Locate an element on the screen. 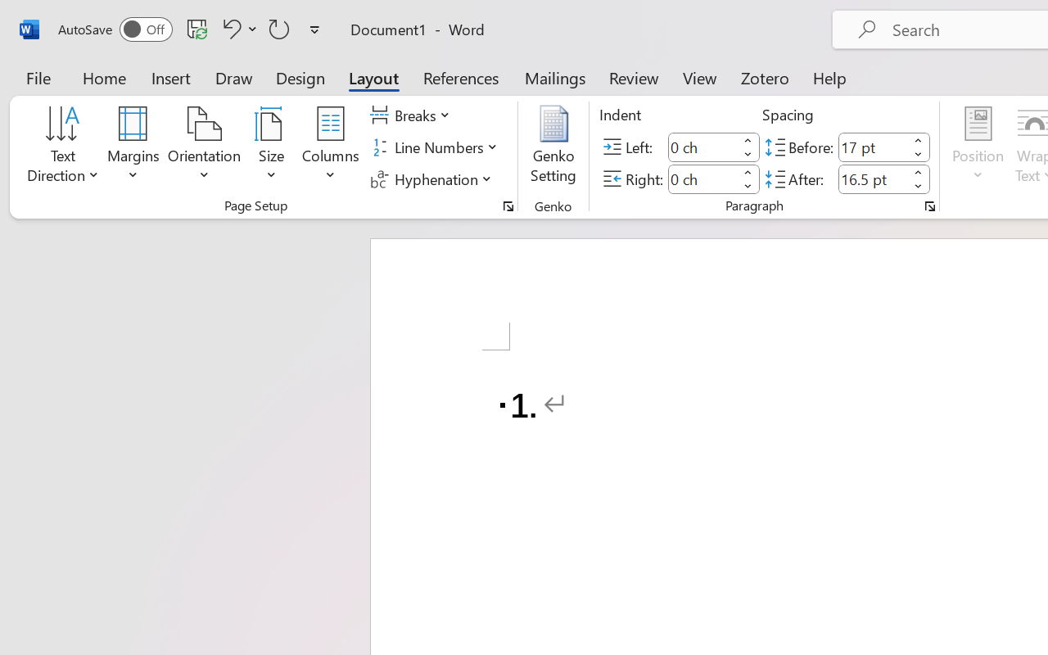  'Hyphenation' is located at coordinates (433, 178).